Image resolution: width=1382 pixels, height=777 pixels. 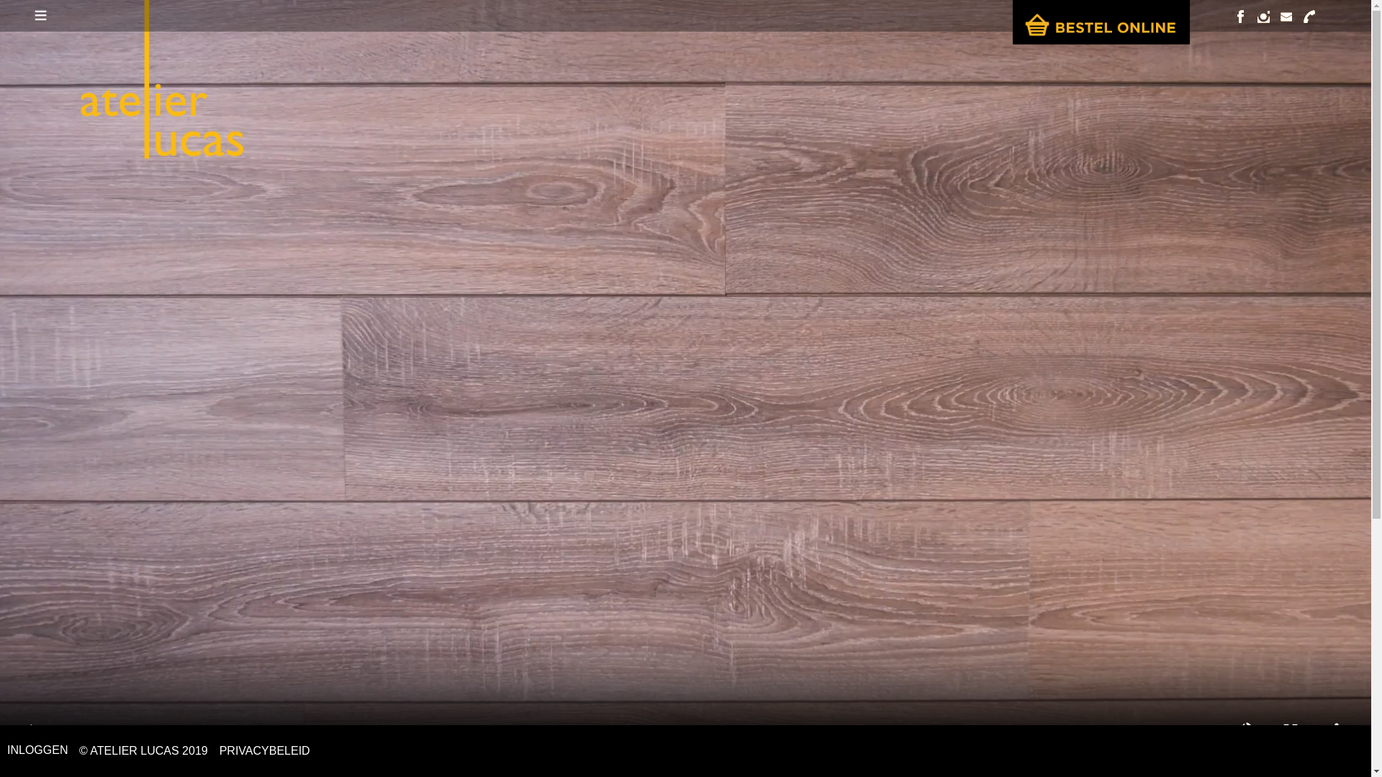 What do you see at coordinates (265, 750) in the screenshot?
I see `'PRIVACYBELEID'` at bounding box center [265, 750].